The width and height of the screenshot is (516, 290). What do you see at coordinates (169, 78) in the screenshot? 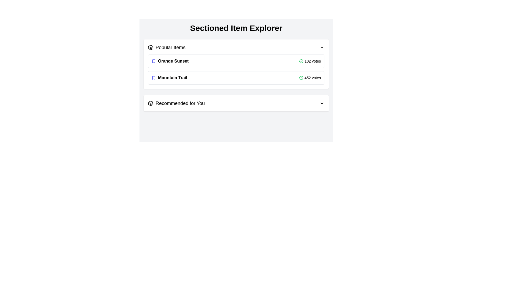
I see `the 'Mountain Trail' text label with the bookmark icon` at bounding box center [169, 78].